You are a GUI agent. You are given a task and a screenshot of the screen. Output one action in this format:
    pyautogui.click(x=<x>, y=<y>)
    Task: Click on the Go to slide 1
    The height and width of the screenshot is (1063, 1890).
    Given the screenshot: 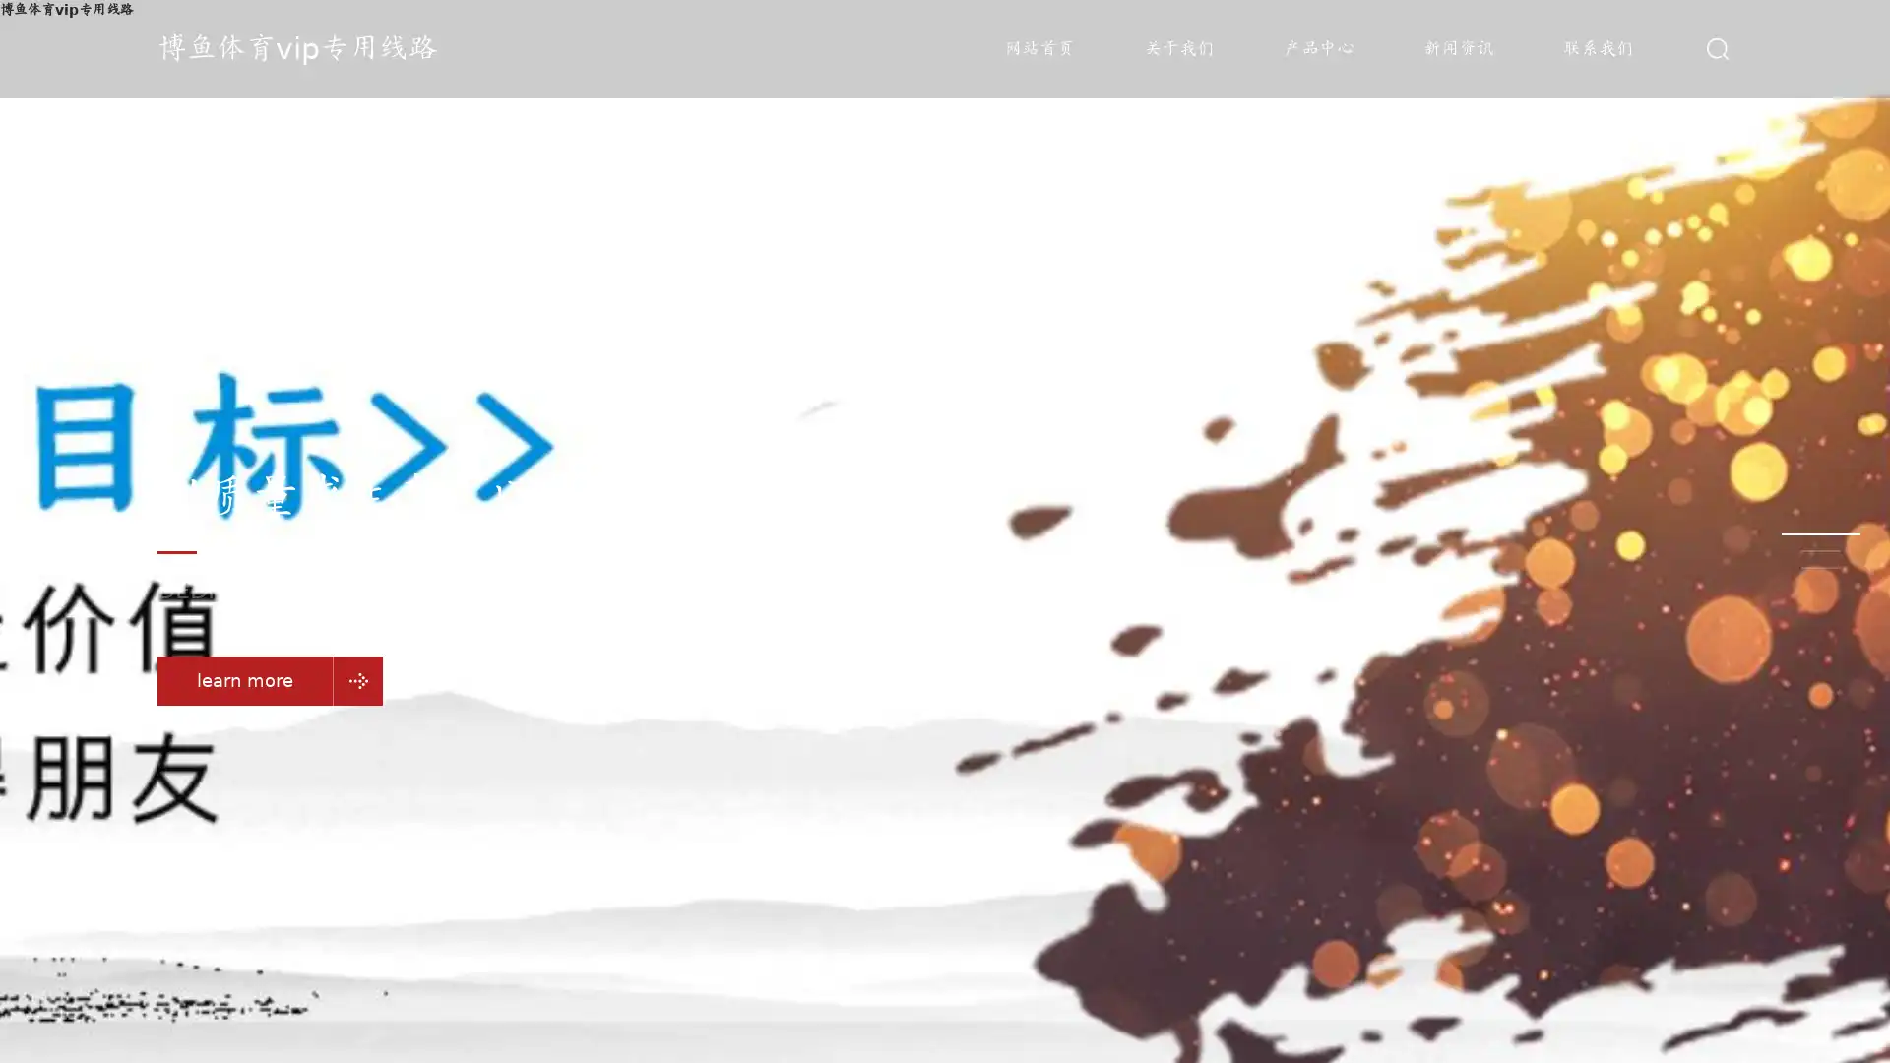 What is the action you would take?
    pyautogui.click(x=1819, y=534)
    